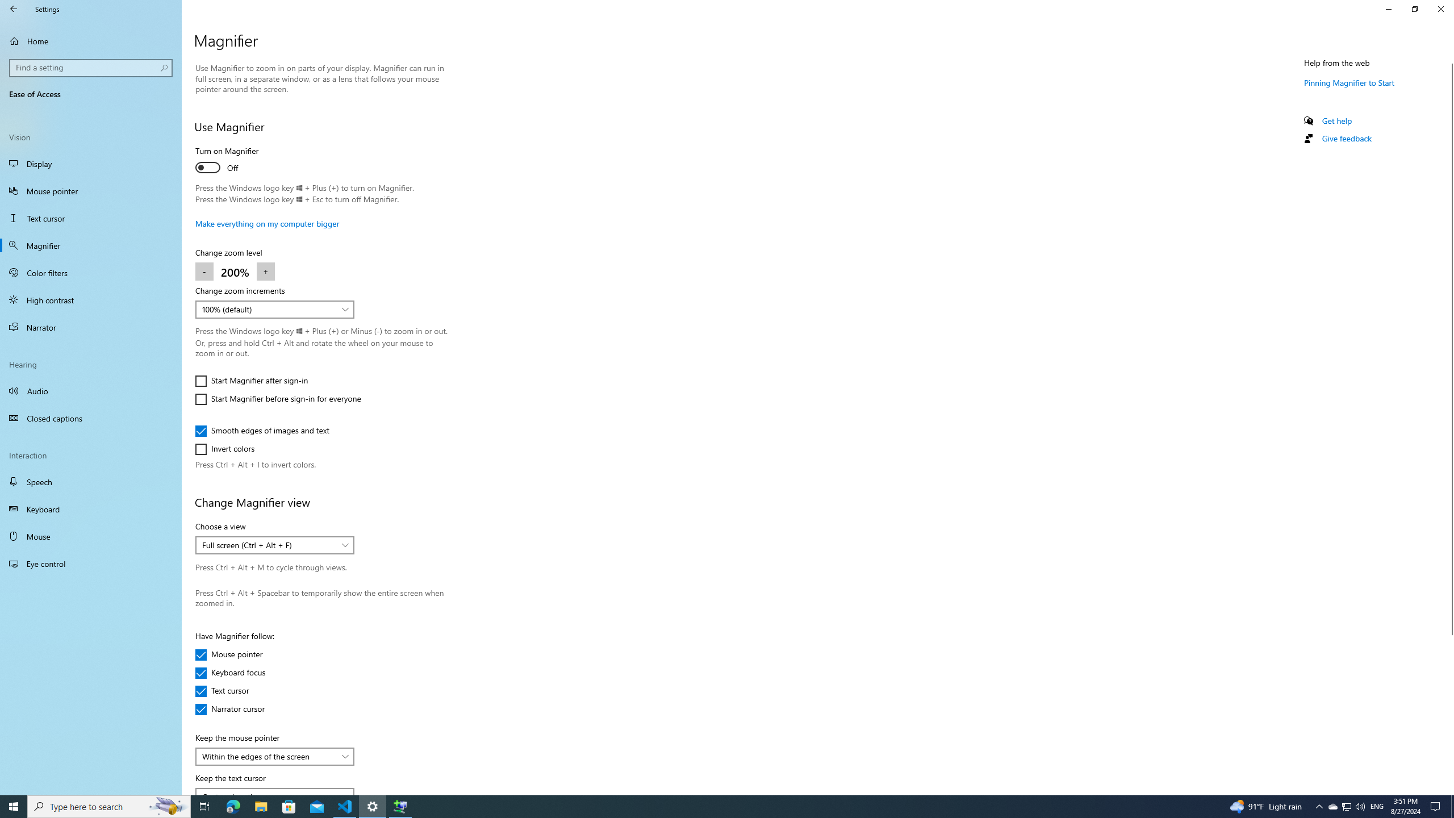 The image size is (1454, 818). What do you see at coordinates (229, 690) in the screenshot?
I see `'Text cursor'` at bounding box center [229, 690].